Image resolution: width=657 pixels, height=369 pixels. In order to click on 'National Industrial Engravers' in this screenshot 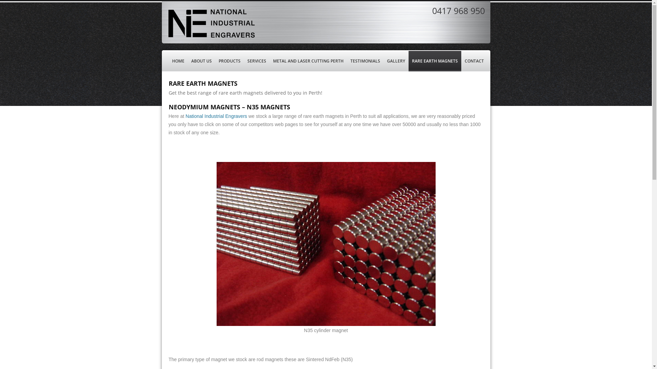, I will do `click(216, 115)`.